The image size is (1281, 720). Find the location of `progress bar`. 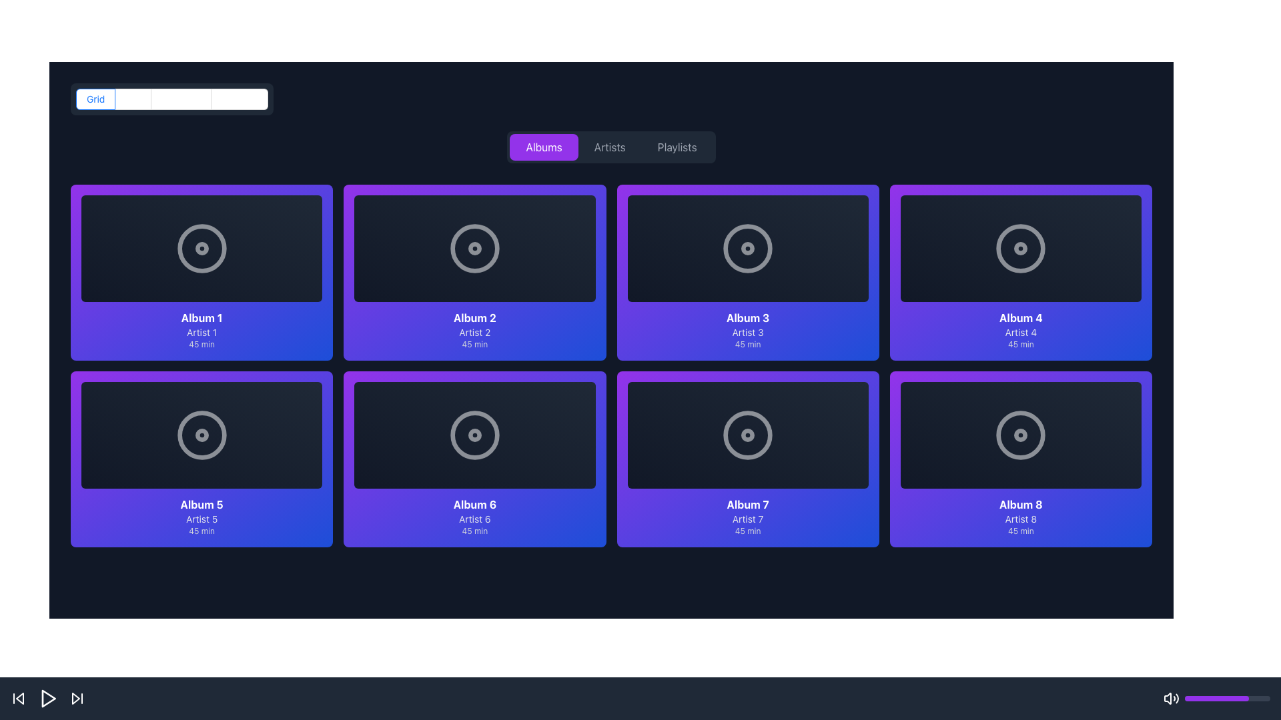

progress bar is located at coordinates (1226, 698).